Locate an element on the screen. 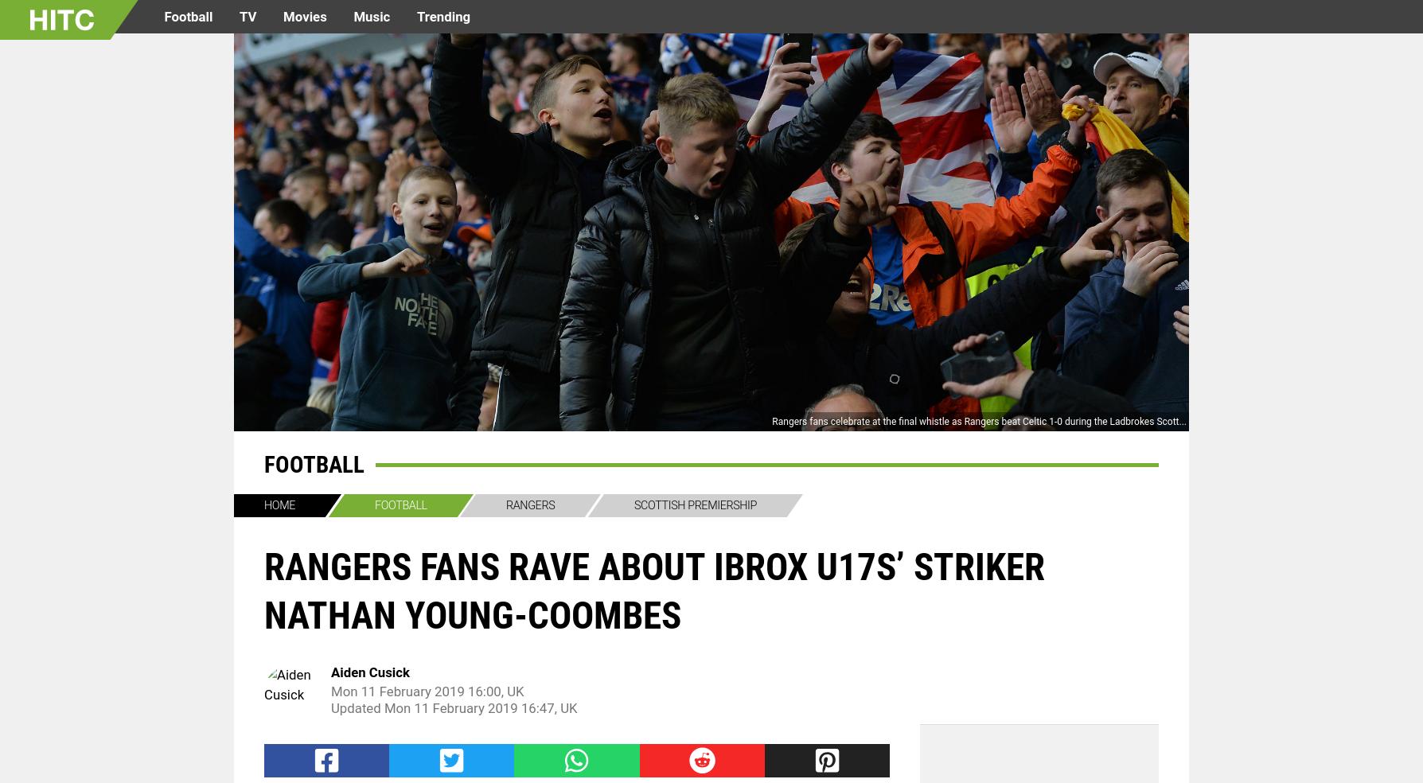  'Rangers fans rave about Ibrox U17s’ striker Nathan Young-Coombes' is located at coordinates (263, 590).